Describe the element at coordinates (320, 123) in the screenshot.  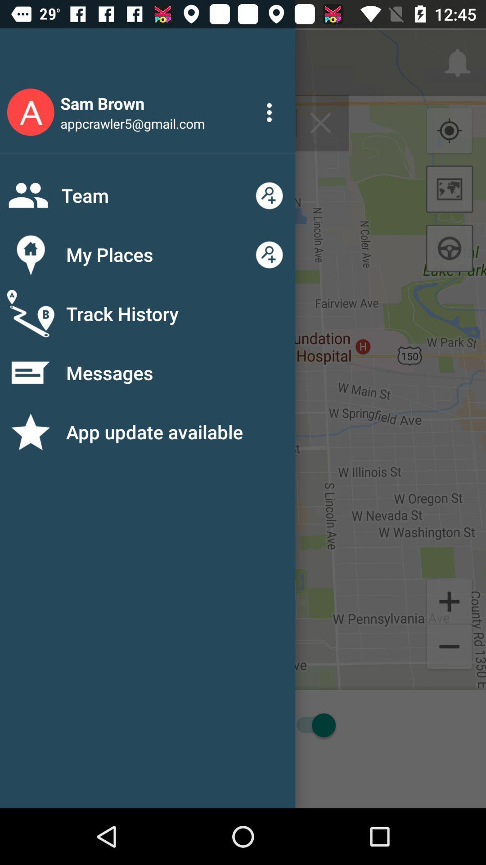
I see `the close icon` at that location.